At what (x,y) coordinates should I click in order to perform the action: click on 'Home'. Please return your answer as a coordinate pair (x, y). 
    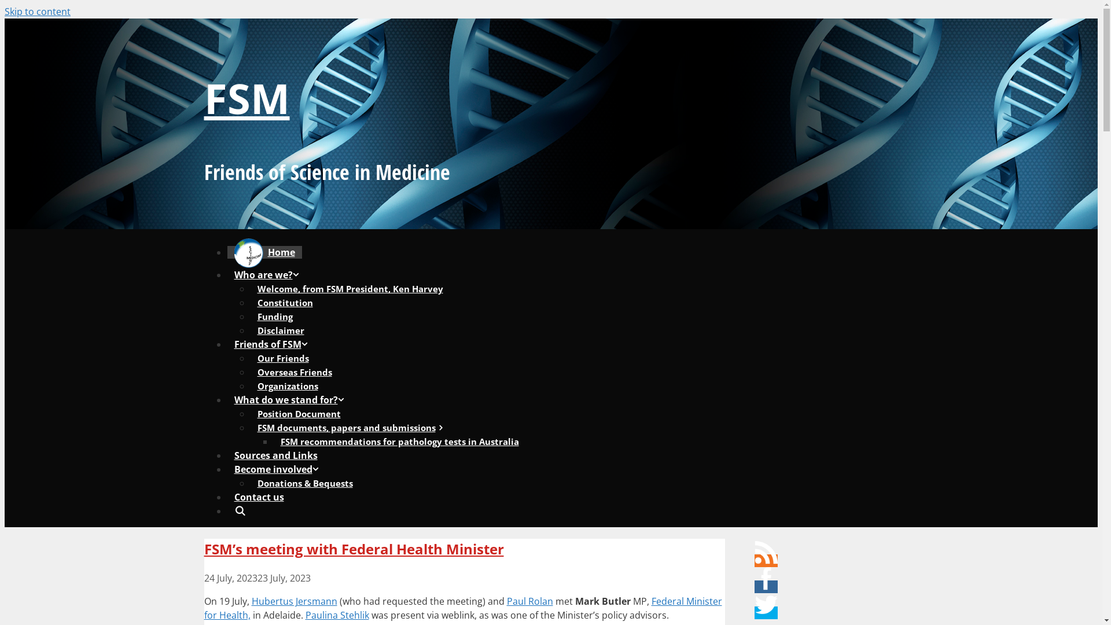
    Looking at the image, I should click on (263, 251).